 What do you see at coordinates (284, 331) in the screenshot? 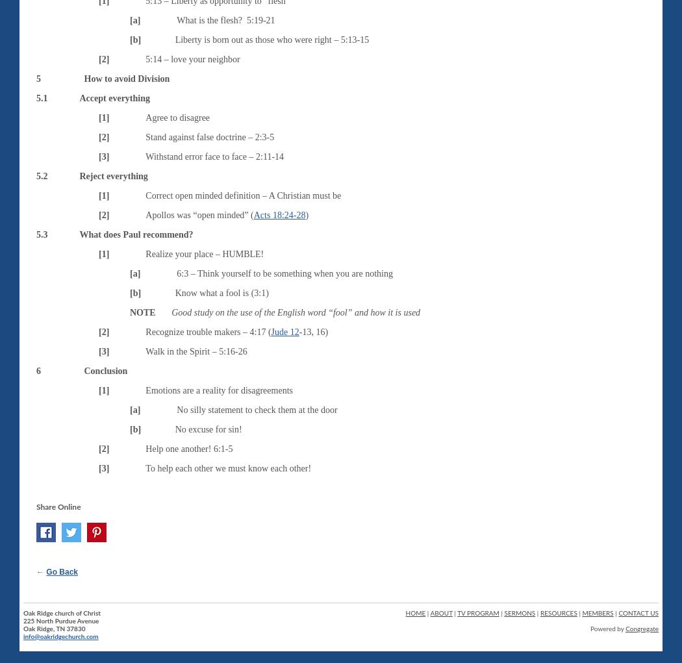
I see `'Jude 12'` at bounding box center [284, 331].